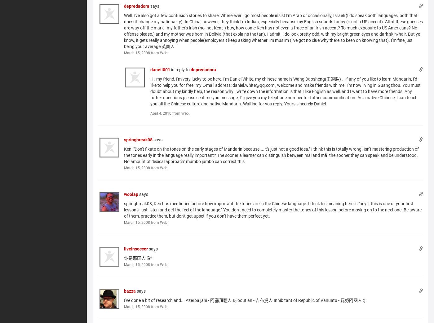 Image resolution: width=434 pixels, height=323 pixels. Describe the element at coordinates (180, 69) in the screenshot. I see `'in reply to'` at that location.